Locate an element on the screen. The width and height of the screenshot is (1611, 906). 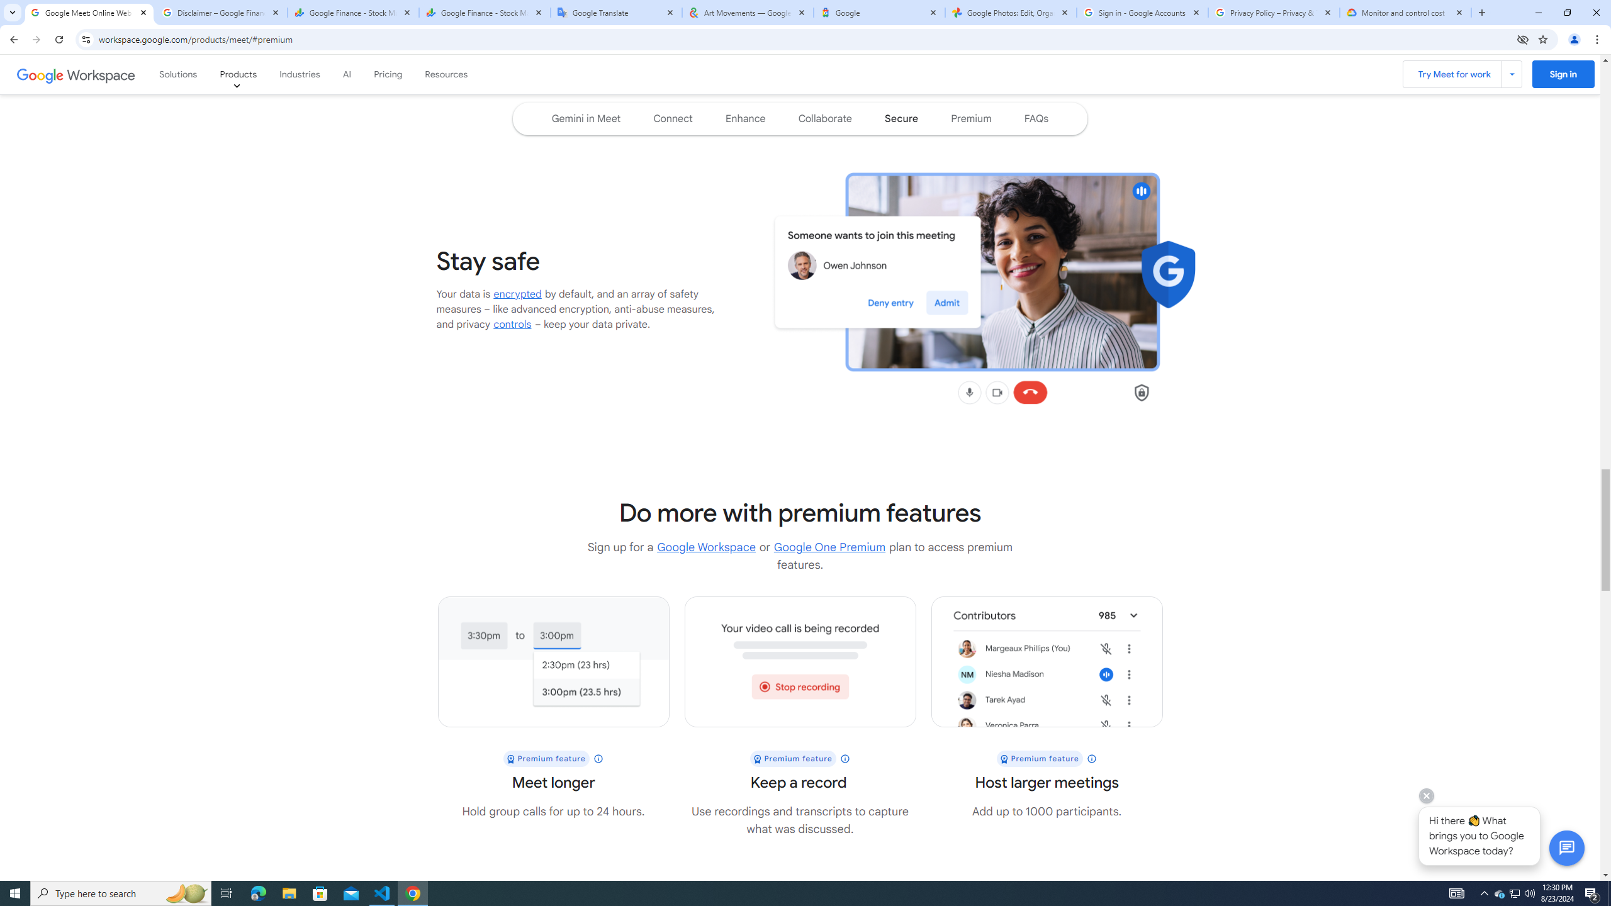
'Jump to the premium section of the page' is located at coordinates (970, 118).